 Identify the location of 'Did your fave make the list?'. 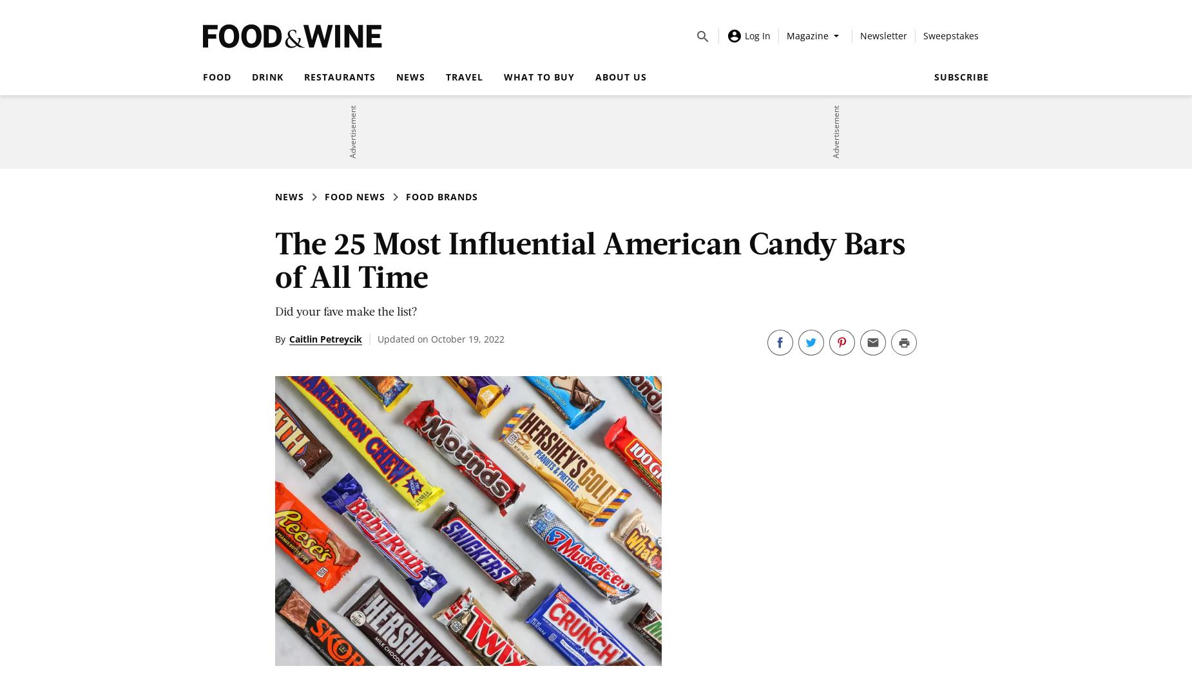
(346, 310).